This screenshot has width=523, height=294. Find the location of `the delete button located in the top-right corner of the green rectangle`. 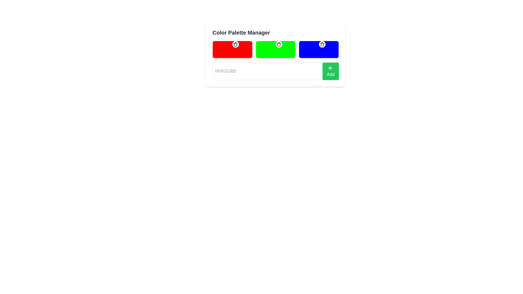

the delete button located in the top-right corner of the green rectangle is located at coordinates (279, 44).